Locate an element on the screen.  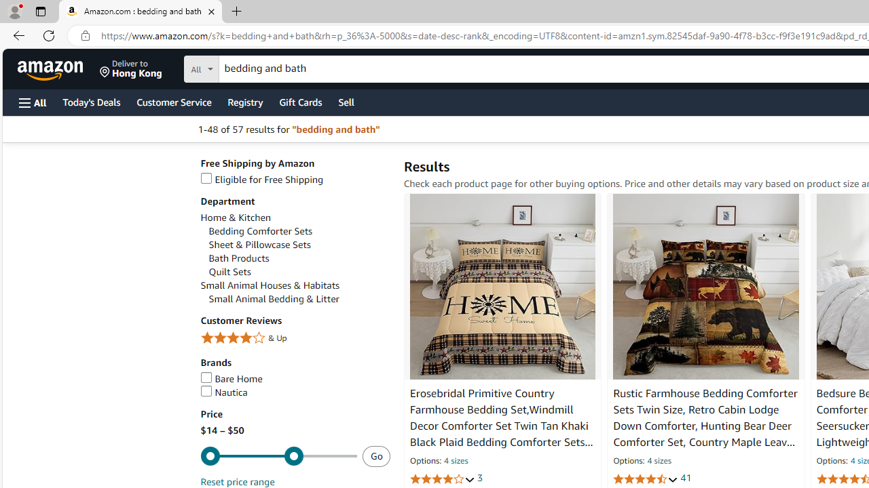
'3.8 out of 5 stars' is located at coordinates (442, 479).